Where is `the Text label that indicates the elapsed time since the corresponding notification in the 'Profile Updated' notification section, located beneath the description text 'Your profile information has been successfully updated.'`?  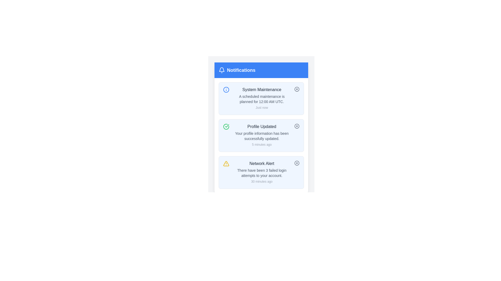 the Text label that indicates the elapsed time since the corresponding notification in the 'Profile Updated' notification section, located beneath the description text 'Your profile information has been successfully updated.' is located at coordinates (262, 144).